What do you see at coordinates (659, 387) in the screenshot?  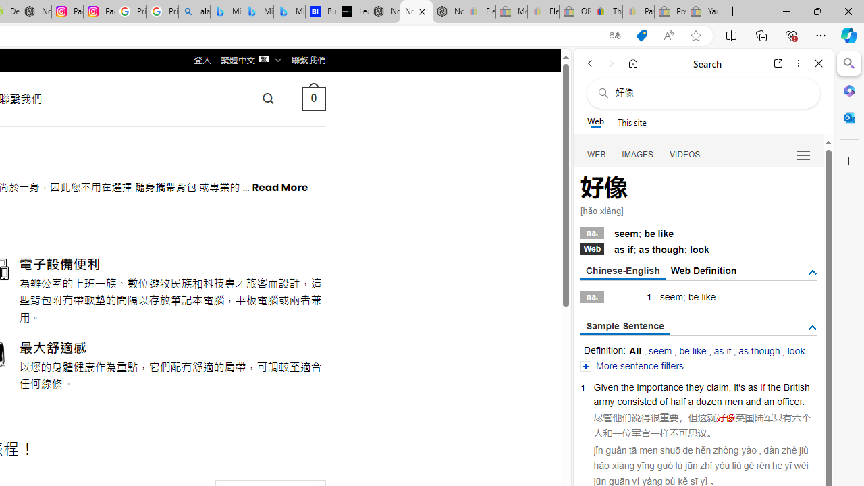 I see `'importance'` at bounding box center [659, 387].